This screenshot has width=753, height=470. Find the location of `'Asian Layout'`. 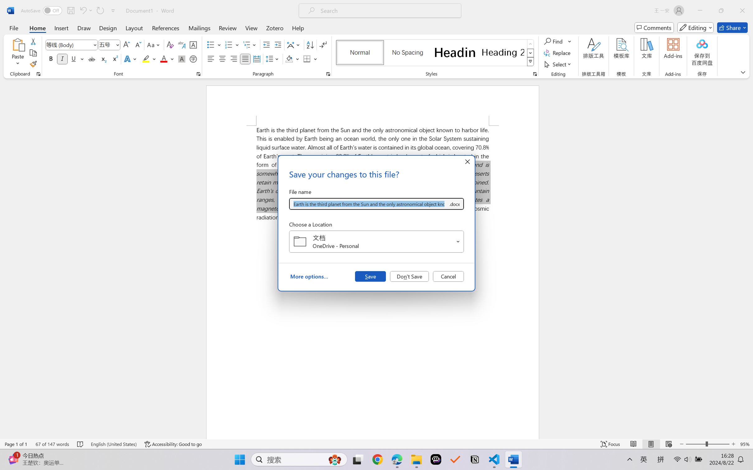

'Asian Layout' is located at coordinates (294, 45).